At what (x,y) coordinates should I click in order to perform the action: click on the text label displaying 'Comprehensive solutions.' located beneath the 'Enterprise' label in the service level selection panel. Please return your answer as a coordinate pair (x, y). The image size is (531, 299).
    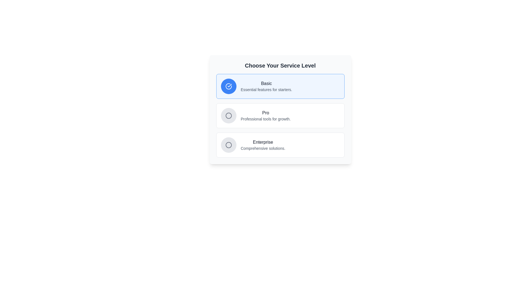
    Looking at the image, I should click on (262, 148).